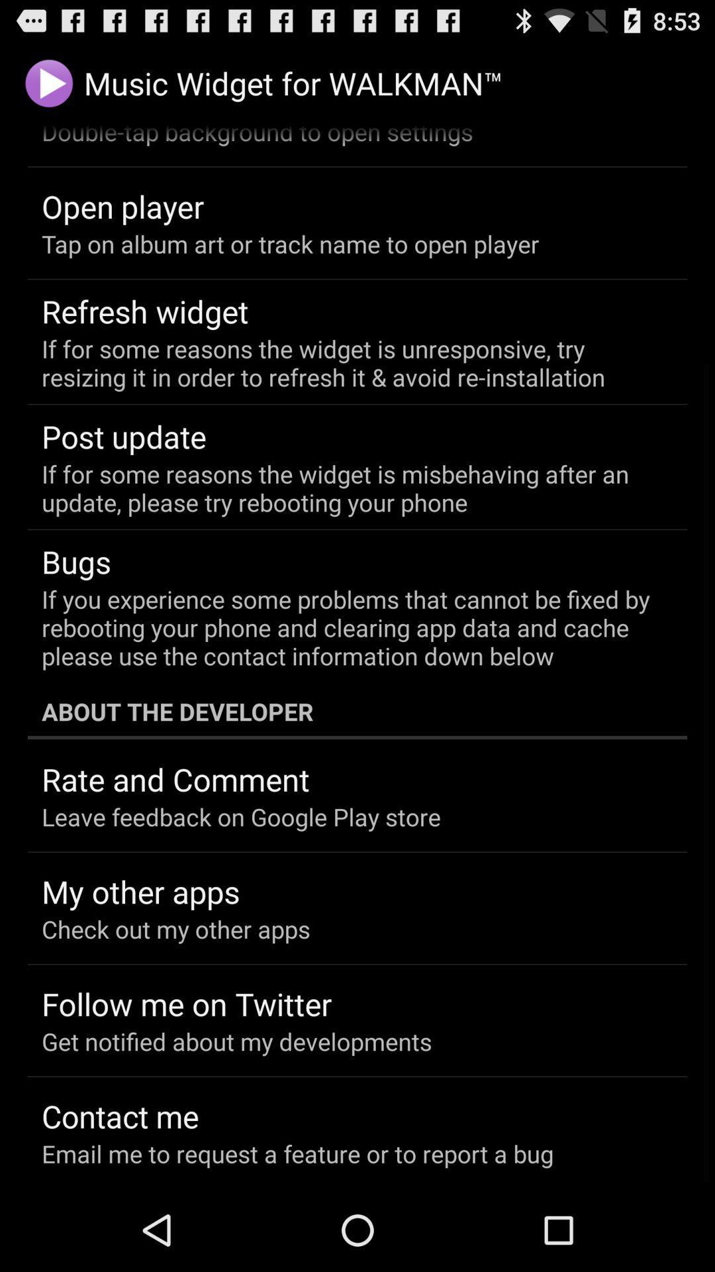 The image size is (715, 1272). I want to click on contact me app, so click(120, 1115).